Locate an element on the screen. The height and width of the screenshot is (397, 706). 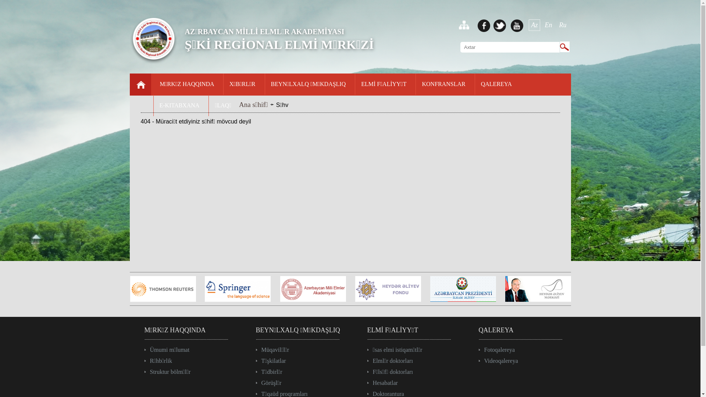
'Az' is located at coordinates (535, 25).